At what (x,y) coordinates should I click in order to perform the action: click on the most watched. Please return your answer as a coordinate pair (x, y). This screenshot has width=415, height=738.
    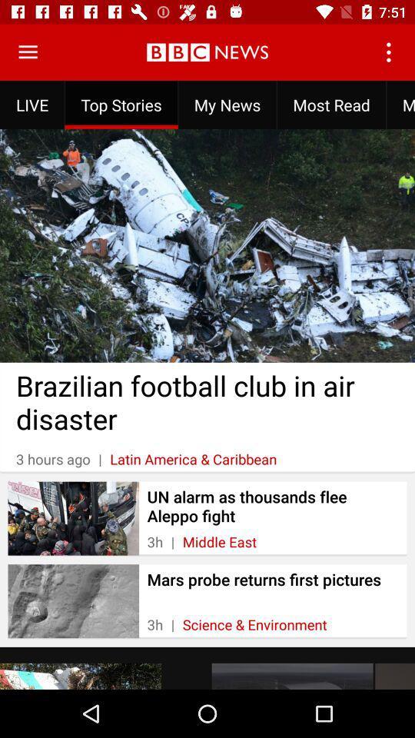
    Looking at the image, I should click on (400, 104).